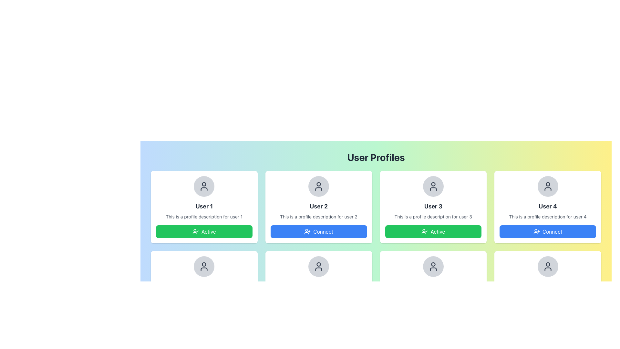  What do you see at coordinates (433, 269) in the screenshot?
I see `the body section of the SVG user icon, which is located centrally beneath the circular part of the icon` at bounding box center [433, 269].